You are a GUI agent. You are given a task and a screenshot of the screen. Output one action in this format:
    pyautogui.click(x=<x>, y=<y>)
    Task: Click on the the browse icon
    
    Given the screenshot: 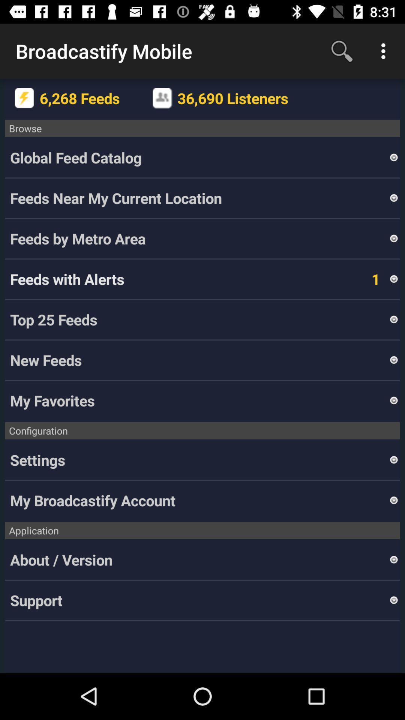 What is the action you would take?
    pyautogui.click(x=202, y=128)
    